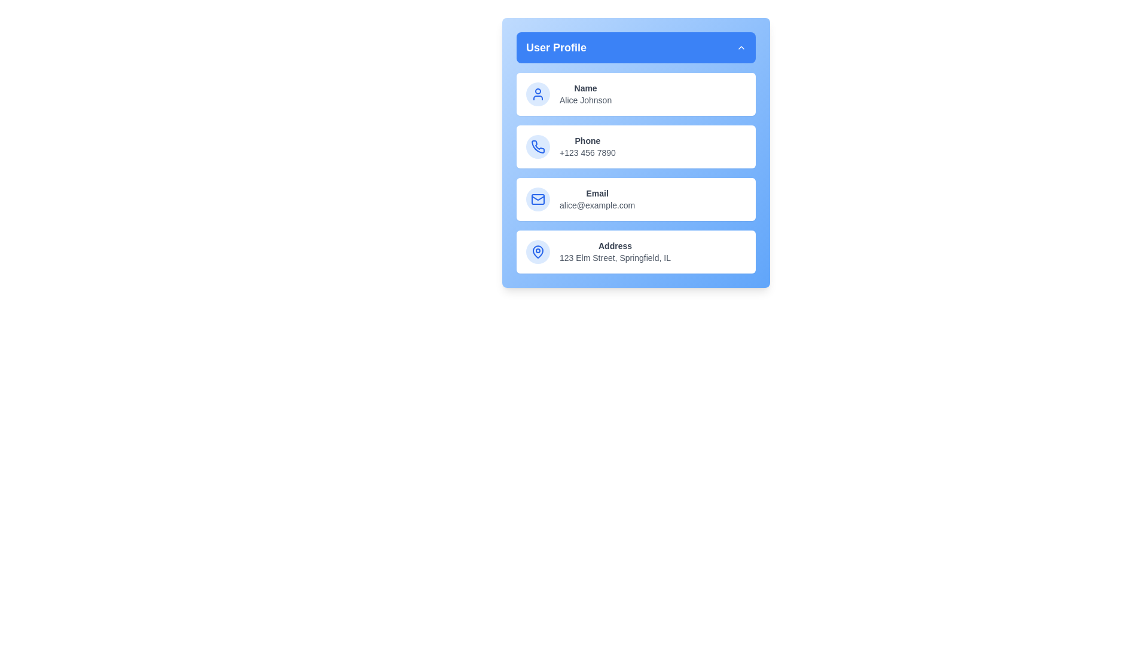  What do you see at coordinates (555, 47) in the screenshot?
I see `the title text label of the card located at the top of the card-like widget, which serves to indicate the focus or context of the information presented below it` at bounding box center [555, 47].